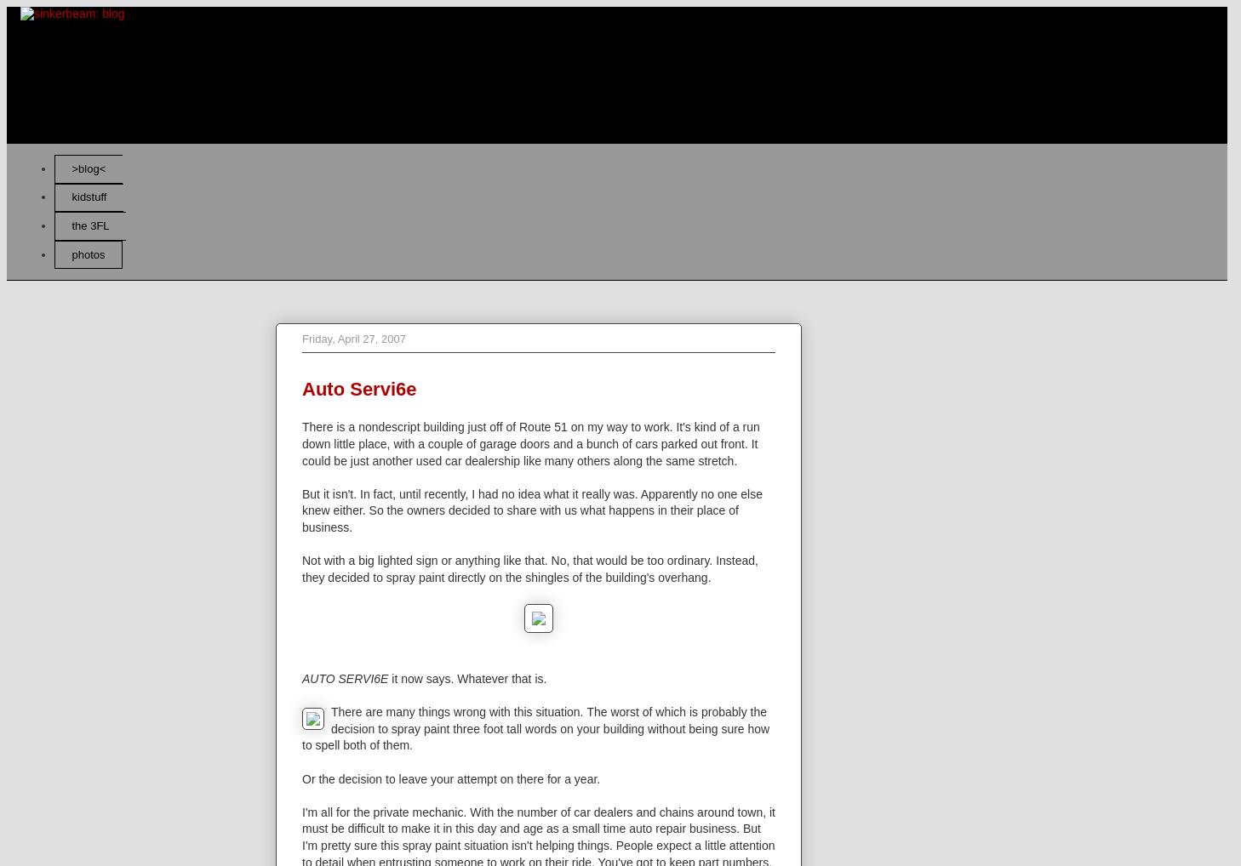 Image resolution: width=1241 pixels, height=866 pixels. What do you see at coordinates (89, 225) in the screenshot?
I see `'the 3FL'` at bounding box center [89, 225].